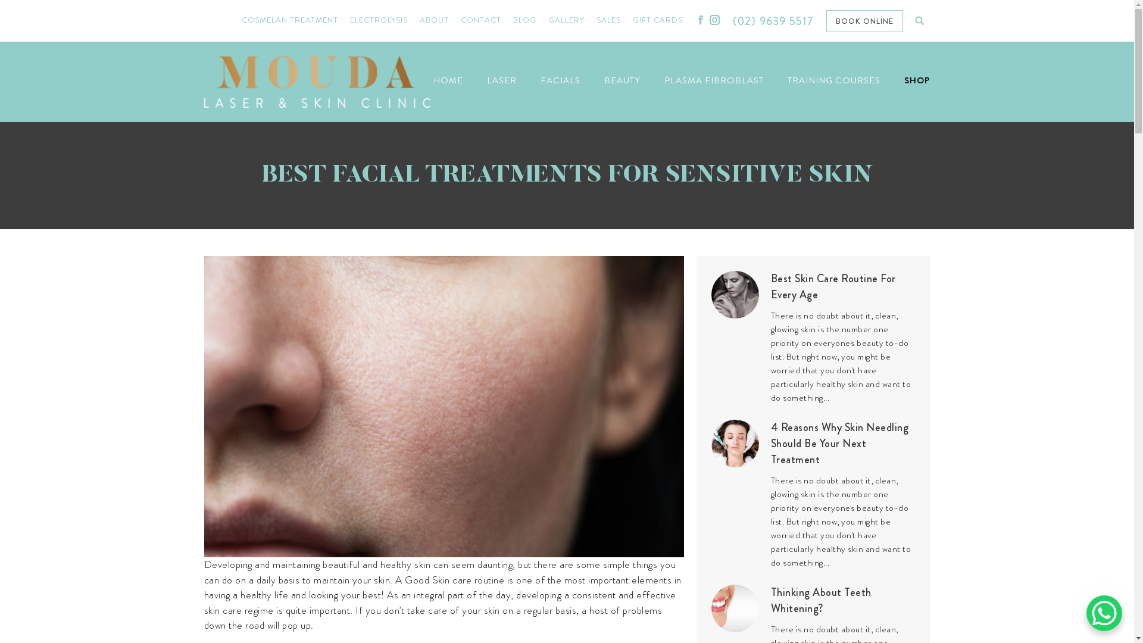  What do you see at coordinates (657, 20) in the screenshot?
I see `'GIFT CARDS'` at bounding box center [657, 20].